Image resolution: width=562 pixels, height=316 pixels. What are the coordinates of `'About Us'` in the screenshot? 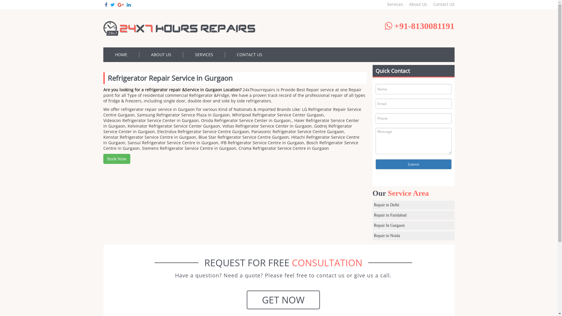 It's located at (418, 4).